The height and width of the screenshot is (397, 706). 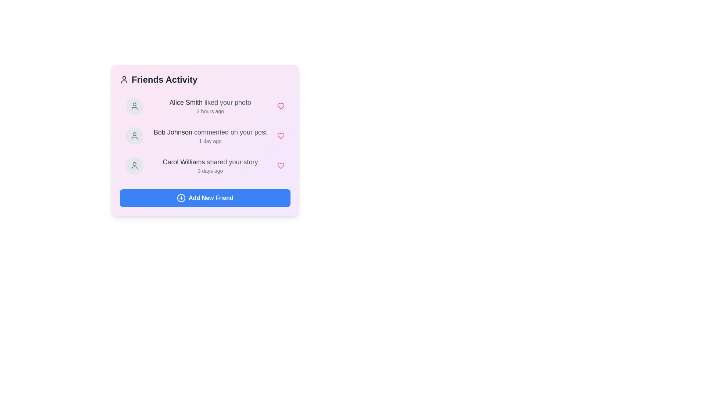 I want to click on the user activity item corresponding to Alice Smith to view its details, so click(x=205, y=106).